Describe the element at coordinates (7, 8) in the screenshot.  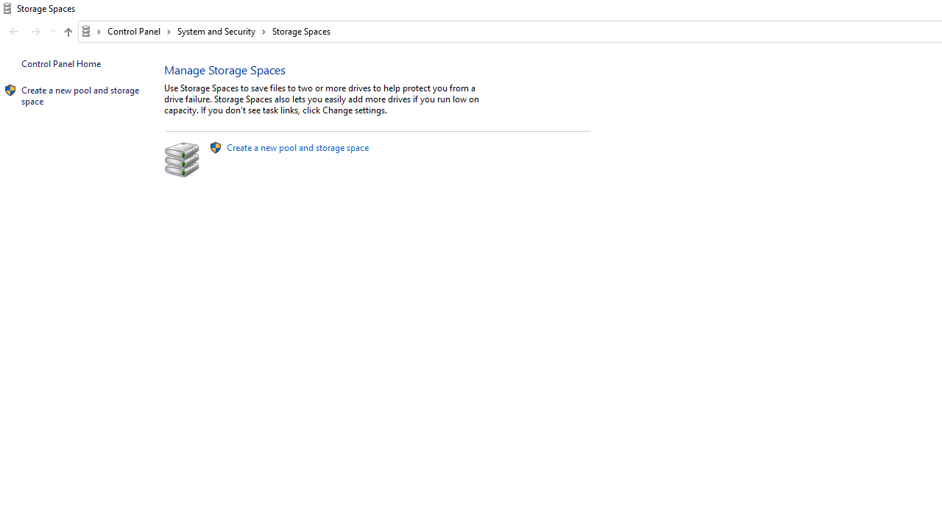
I see `'System'` at that location.